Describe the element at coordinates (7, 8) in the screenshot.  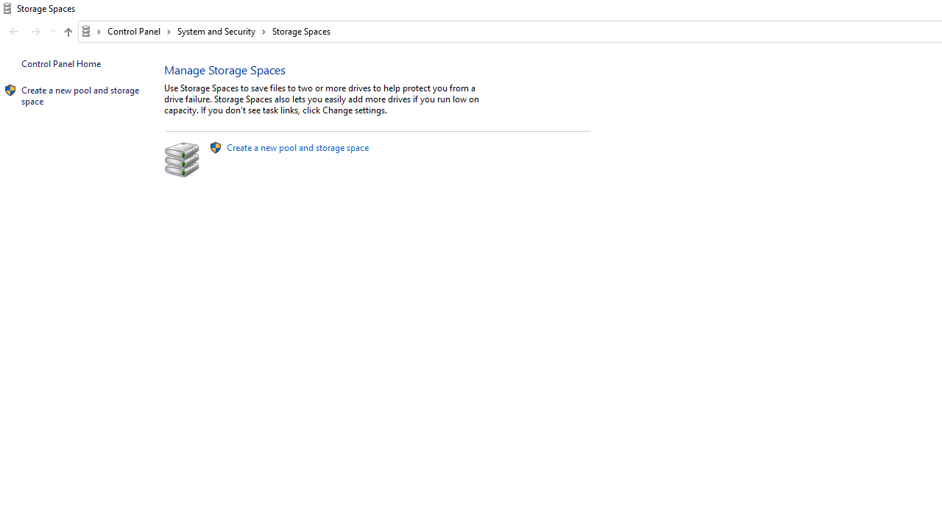
I see `'System'` at that location.